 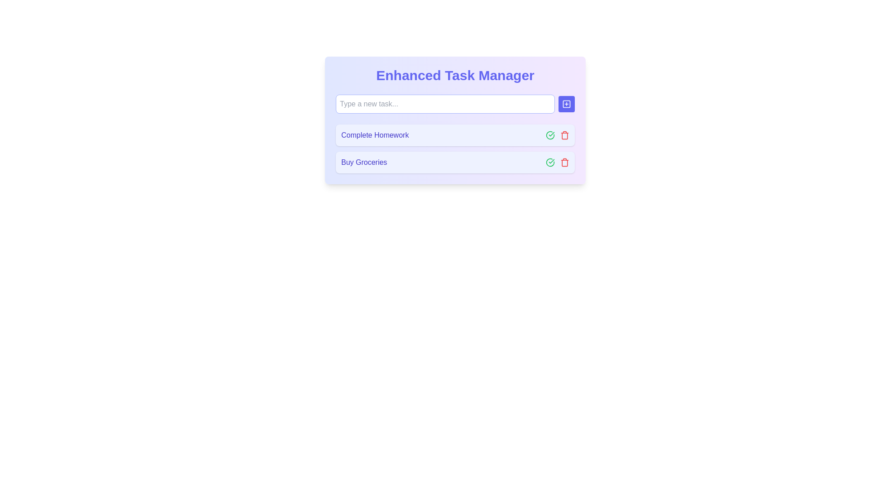 I want to click on the action button located immediately to the right of the 'Type a new task...' text input field, so click(x=566, y=104).